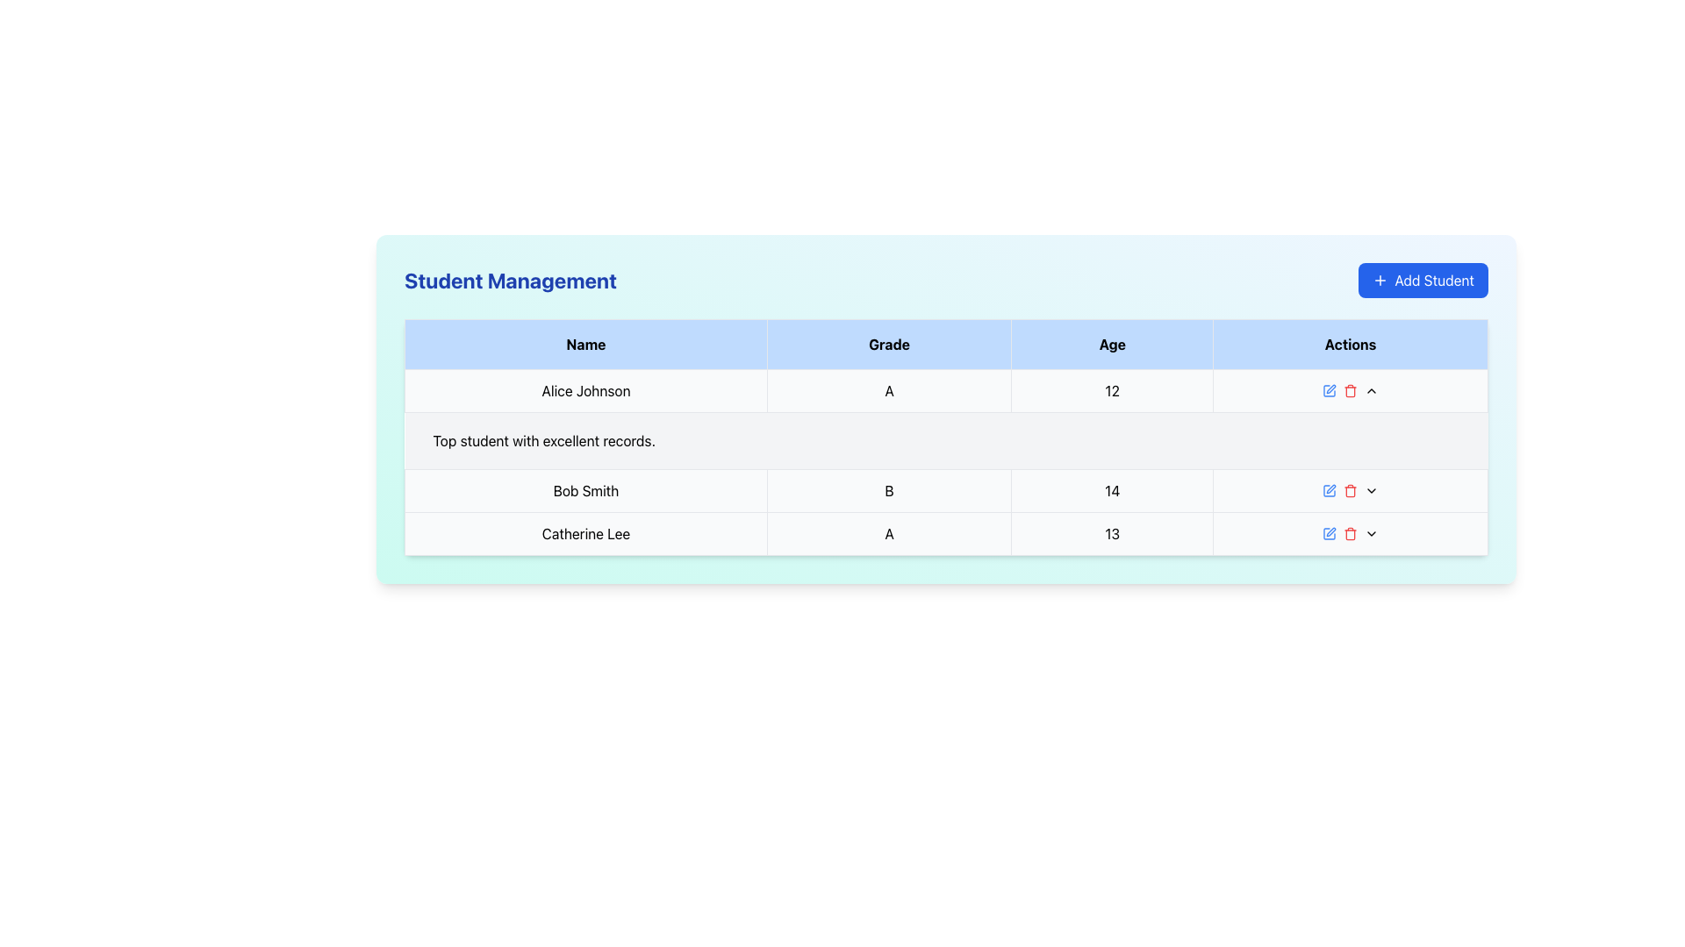 The width and height of the screenshot is (1685, 947). Describe the element at coordinates (1330, 490) in the screenshot. I see `the first interactive button in the 'Actions' column for the row corresponding to the student 'Bob Smith' to initiate editing` at that location.